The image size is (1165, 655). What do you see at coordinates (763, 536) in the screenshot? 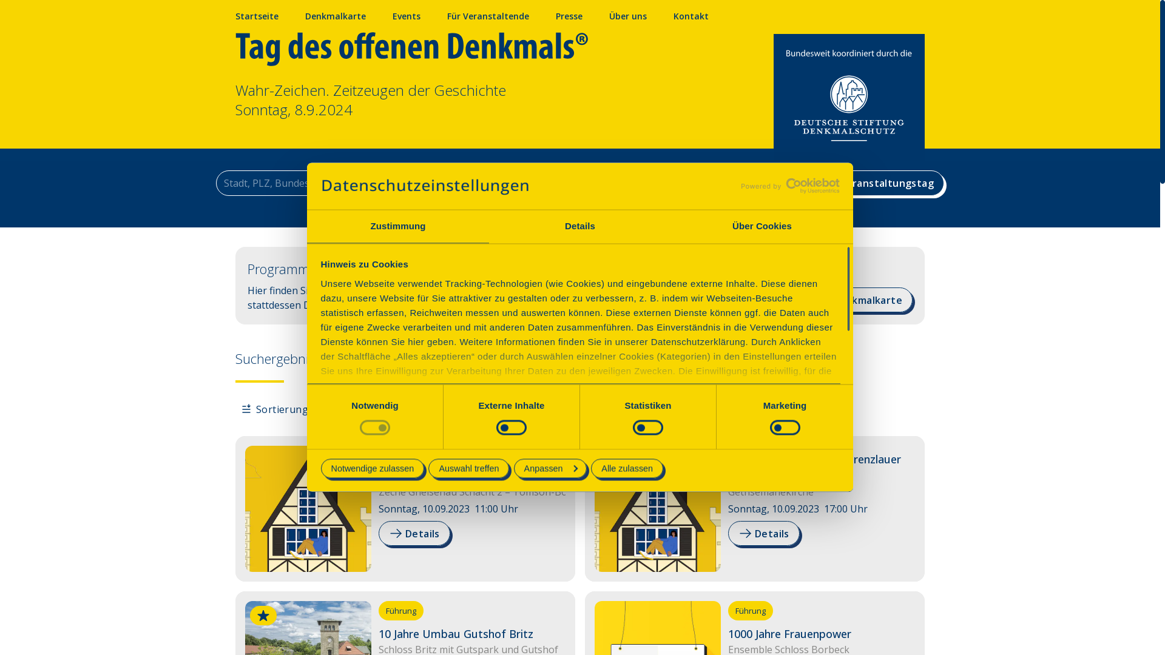
I see `'Details'` at bounding box center [763, 536].